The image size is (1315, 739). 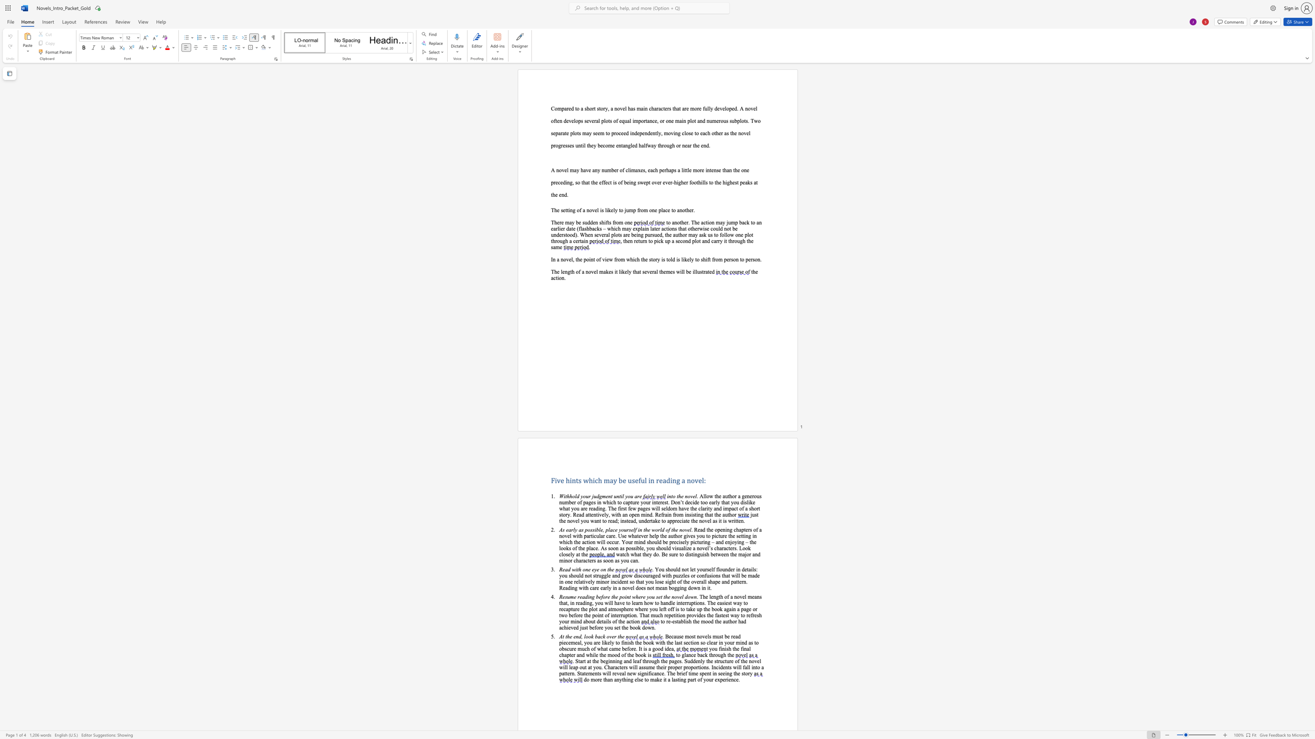 I want to click on the subset text "ment until y" within the text "Withhold your judgment until you are", so click(x=601, y=496).